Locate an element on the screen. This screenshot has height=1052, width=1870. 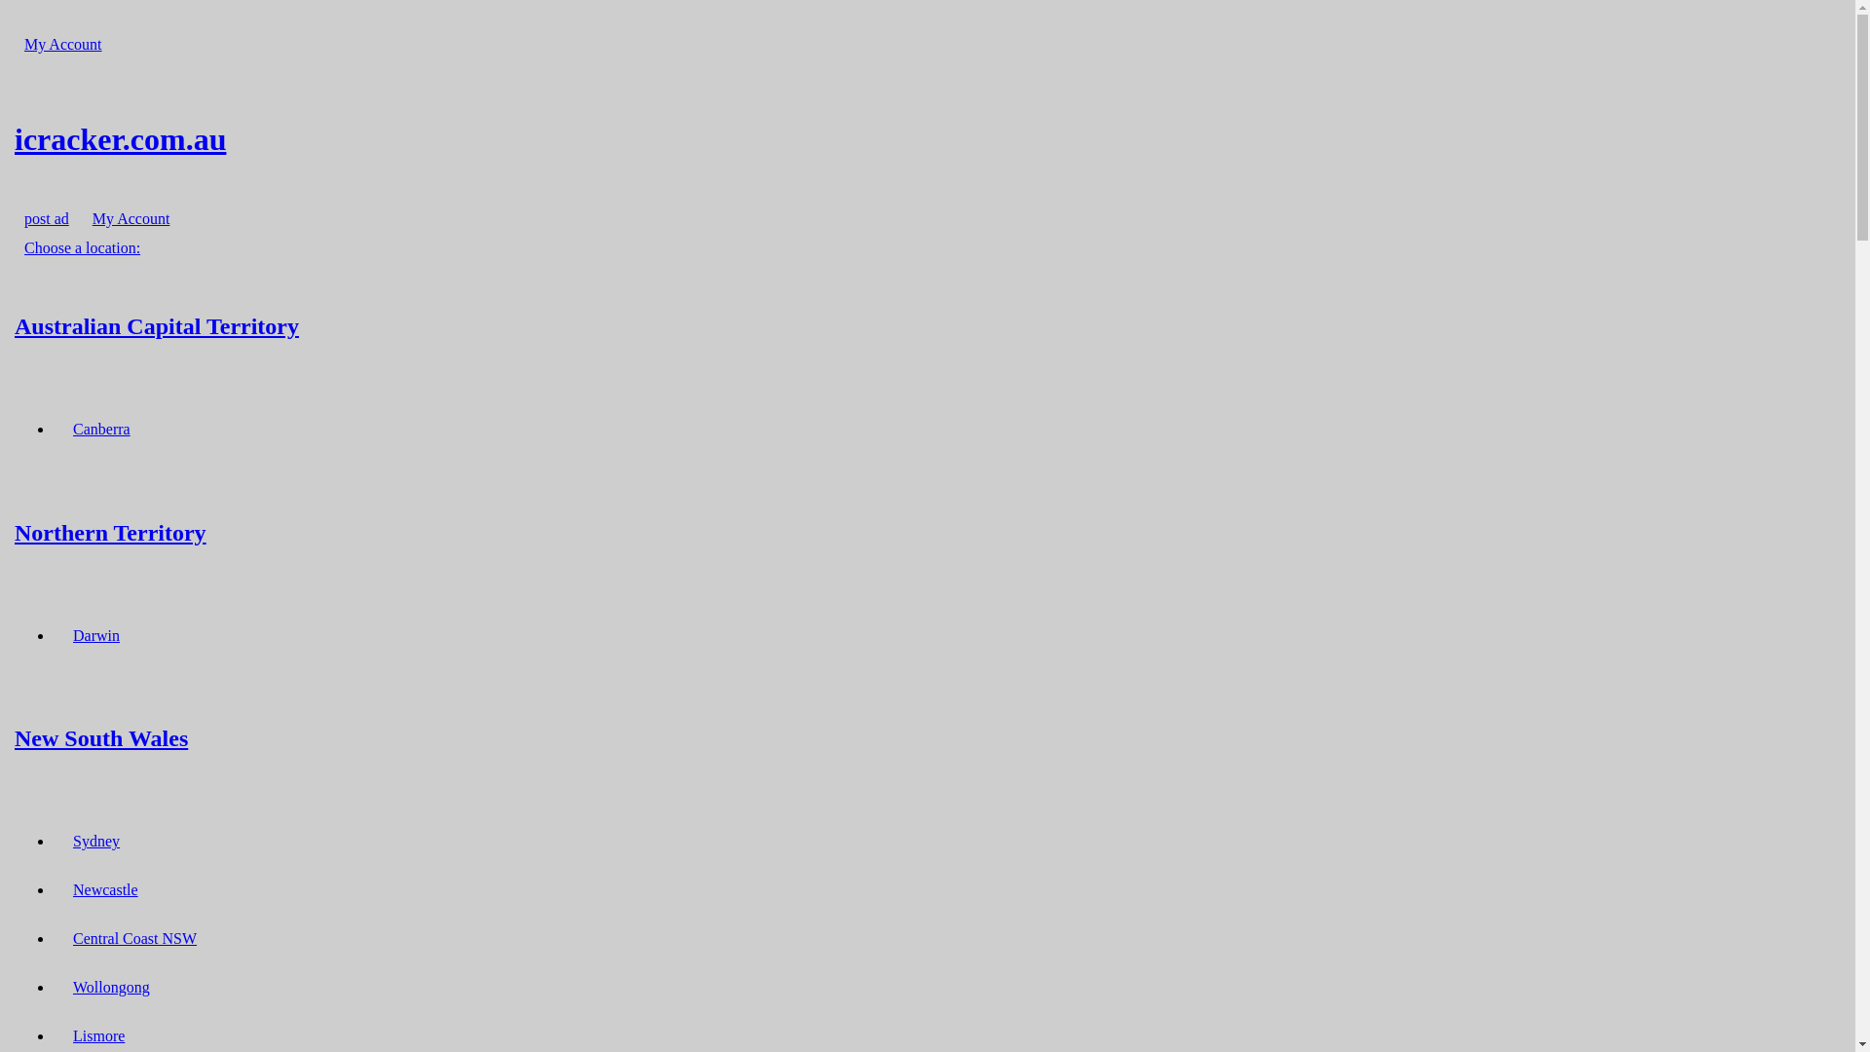
'Choose a location:' is located at coordinates (81, 246).